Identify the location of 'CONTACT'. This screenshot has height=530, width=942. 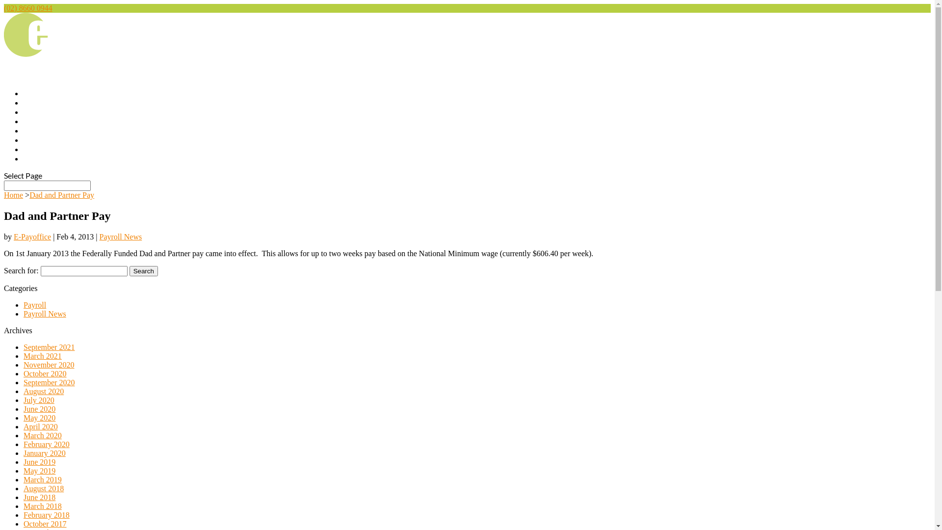
(24, 159).